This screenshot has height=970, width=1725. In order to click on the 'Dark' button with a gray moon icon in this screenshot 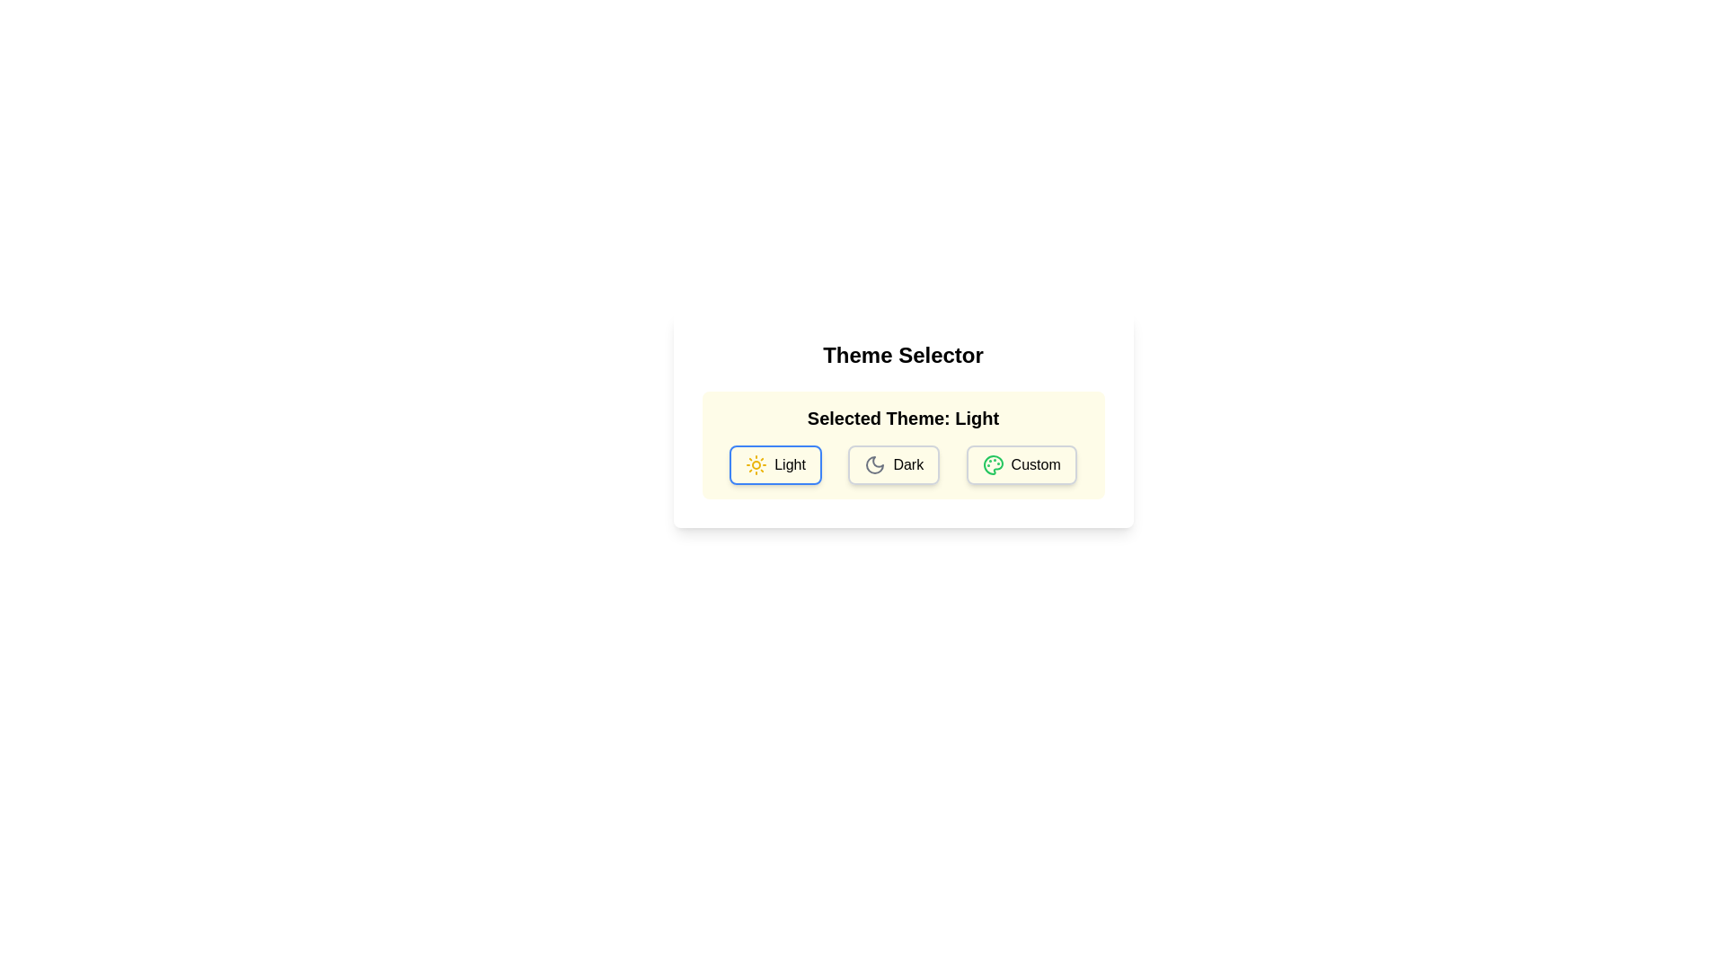, I will do `click(903, 463)`.